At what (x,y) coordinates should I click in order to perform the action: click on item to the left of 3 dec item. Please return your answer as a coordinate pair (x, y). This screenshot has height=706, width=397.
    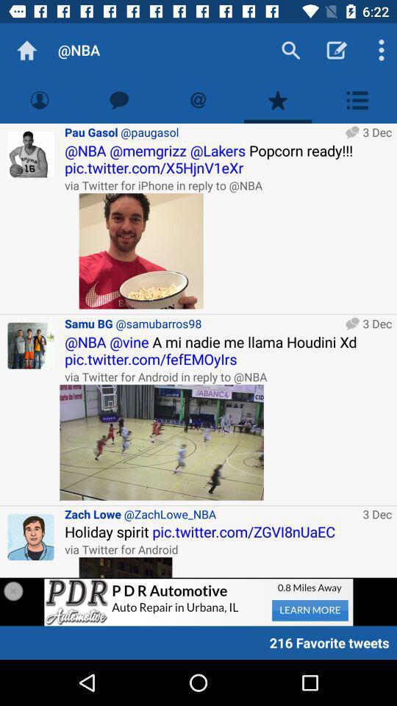
    Looking at the image, I should click on (210, 514).